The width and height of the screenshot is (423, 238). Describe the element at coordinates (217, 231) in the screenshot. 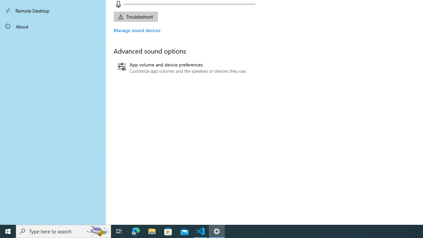

I see `'Settings - 1 running window'` at that location.